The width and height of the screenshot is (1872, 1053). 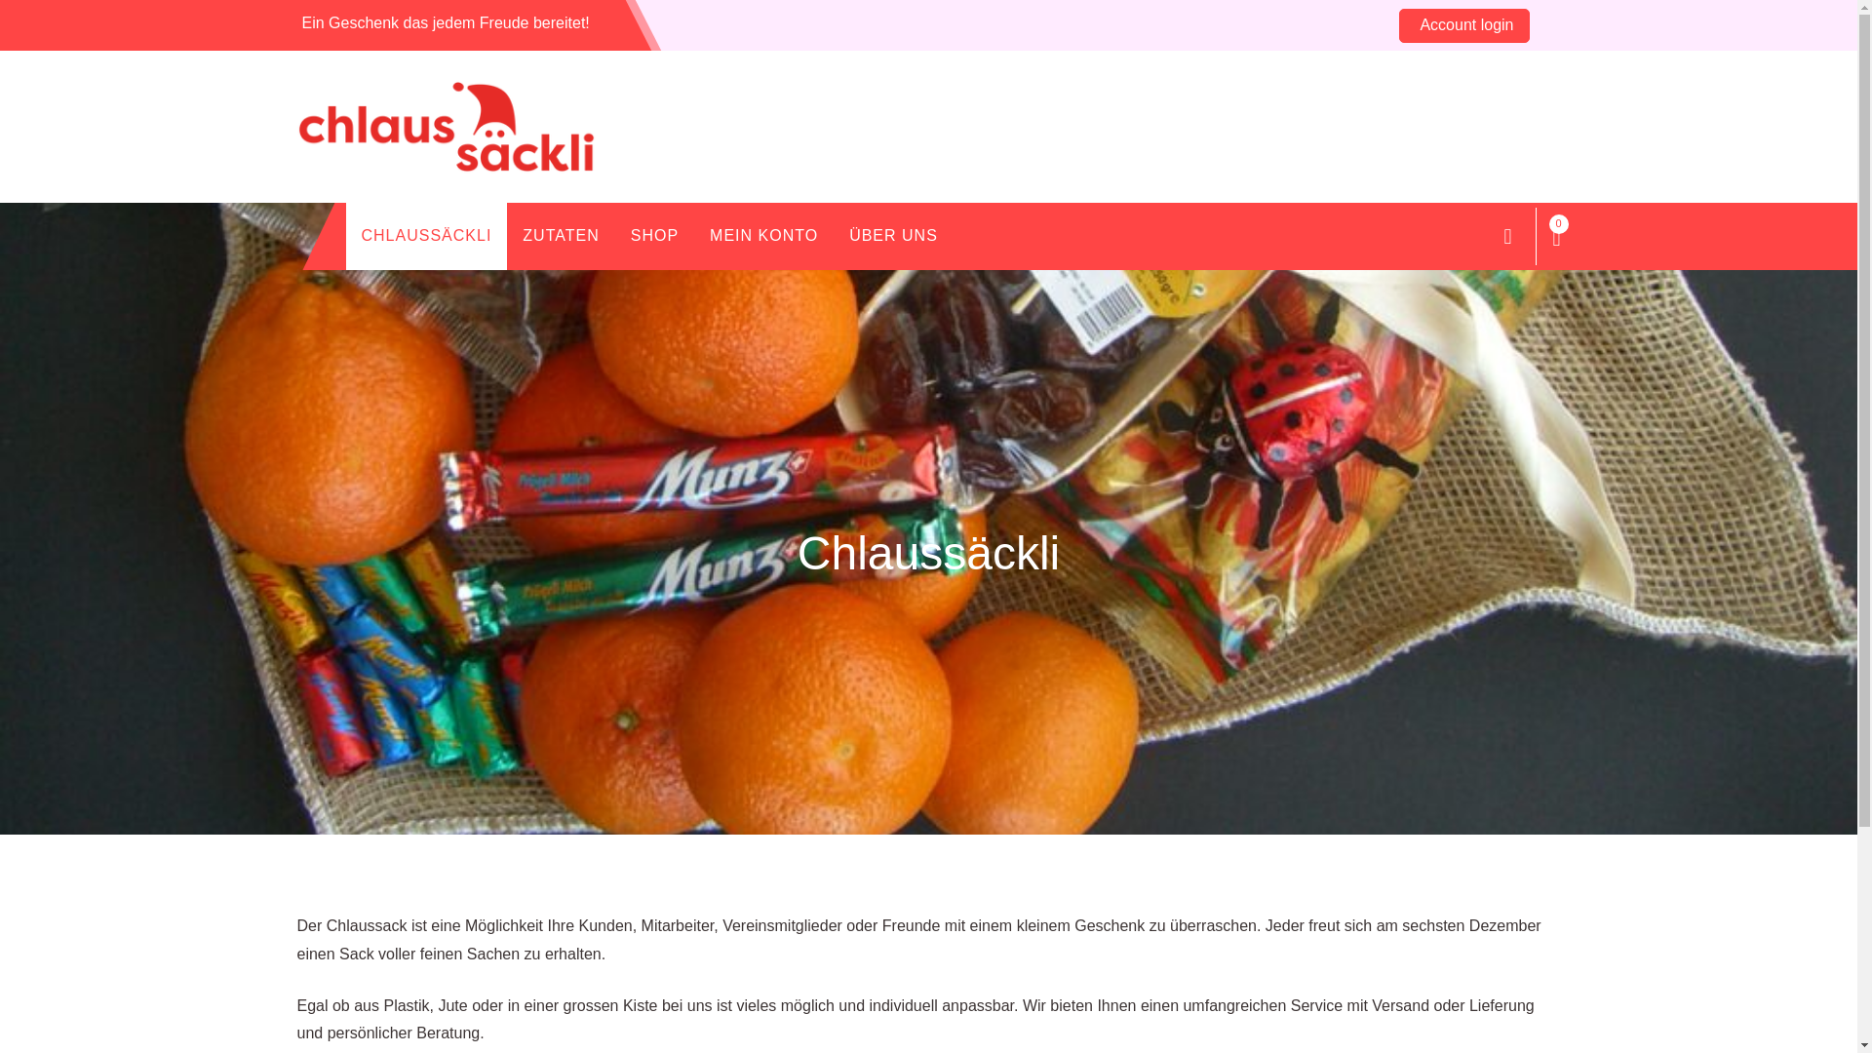 I want to click on 'Account login', so click(x=1463, y=24).